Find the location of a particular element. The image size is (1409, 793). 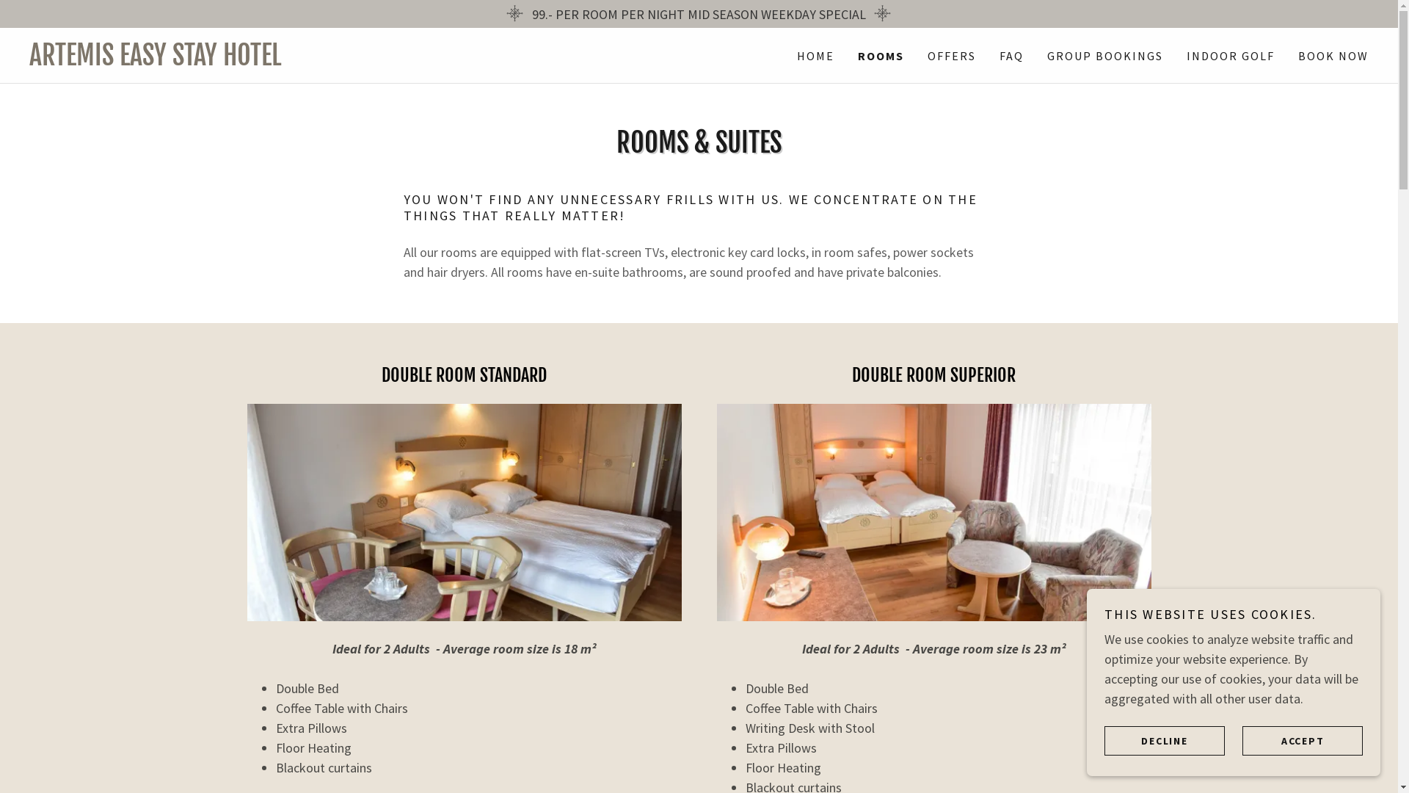

'HOME' is located at coordinates (815, 55).